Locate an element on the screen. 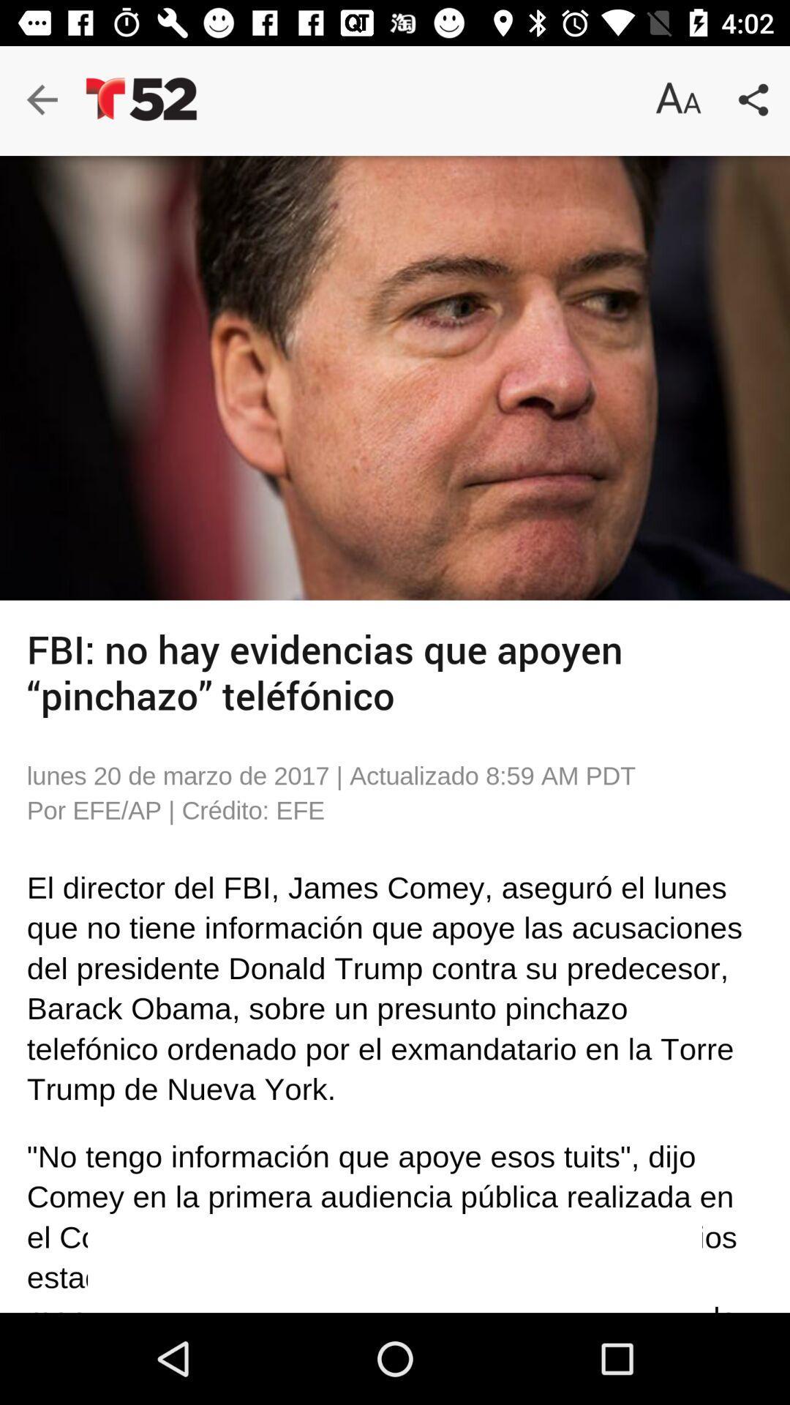 The width and height of the screenshot is (790, 1405). selecionar imagem is located at coordinates (395, 378).